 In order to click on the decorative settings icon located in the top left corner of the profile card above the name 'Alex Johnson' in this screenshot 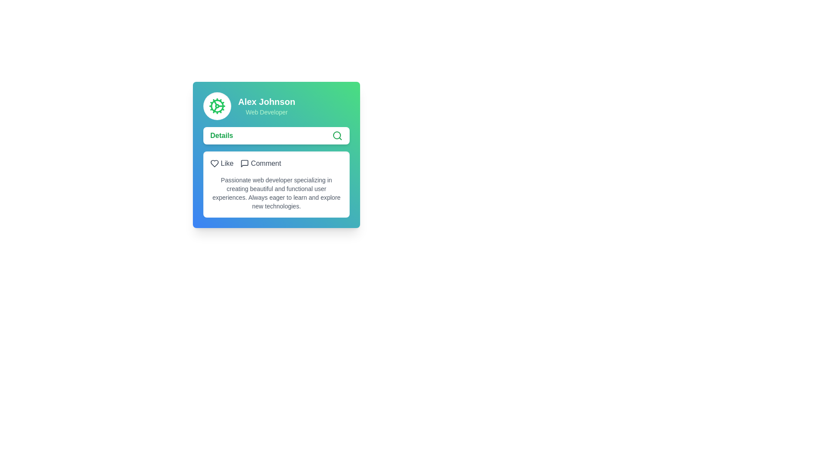, I will do `click(217, 105)`.